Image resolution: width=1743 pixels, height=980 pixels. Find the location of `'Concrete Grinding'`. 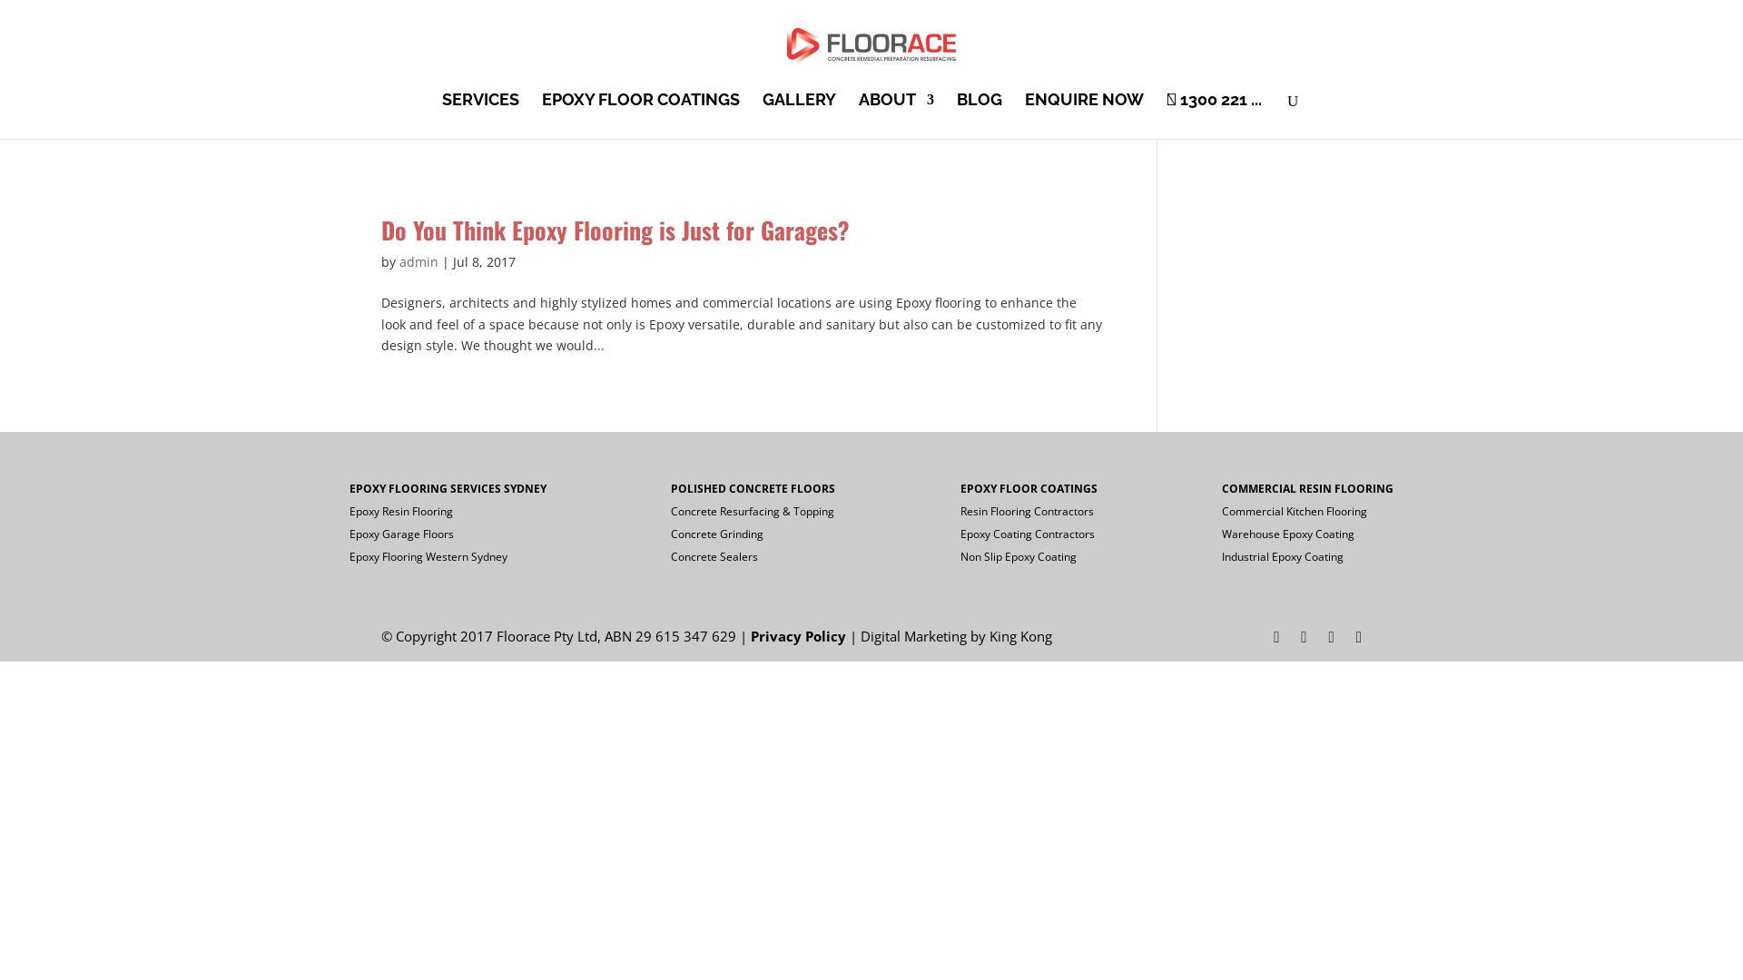

'Concrete Grinding' is located at coordinates (716, 533).